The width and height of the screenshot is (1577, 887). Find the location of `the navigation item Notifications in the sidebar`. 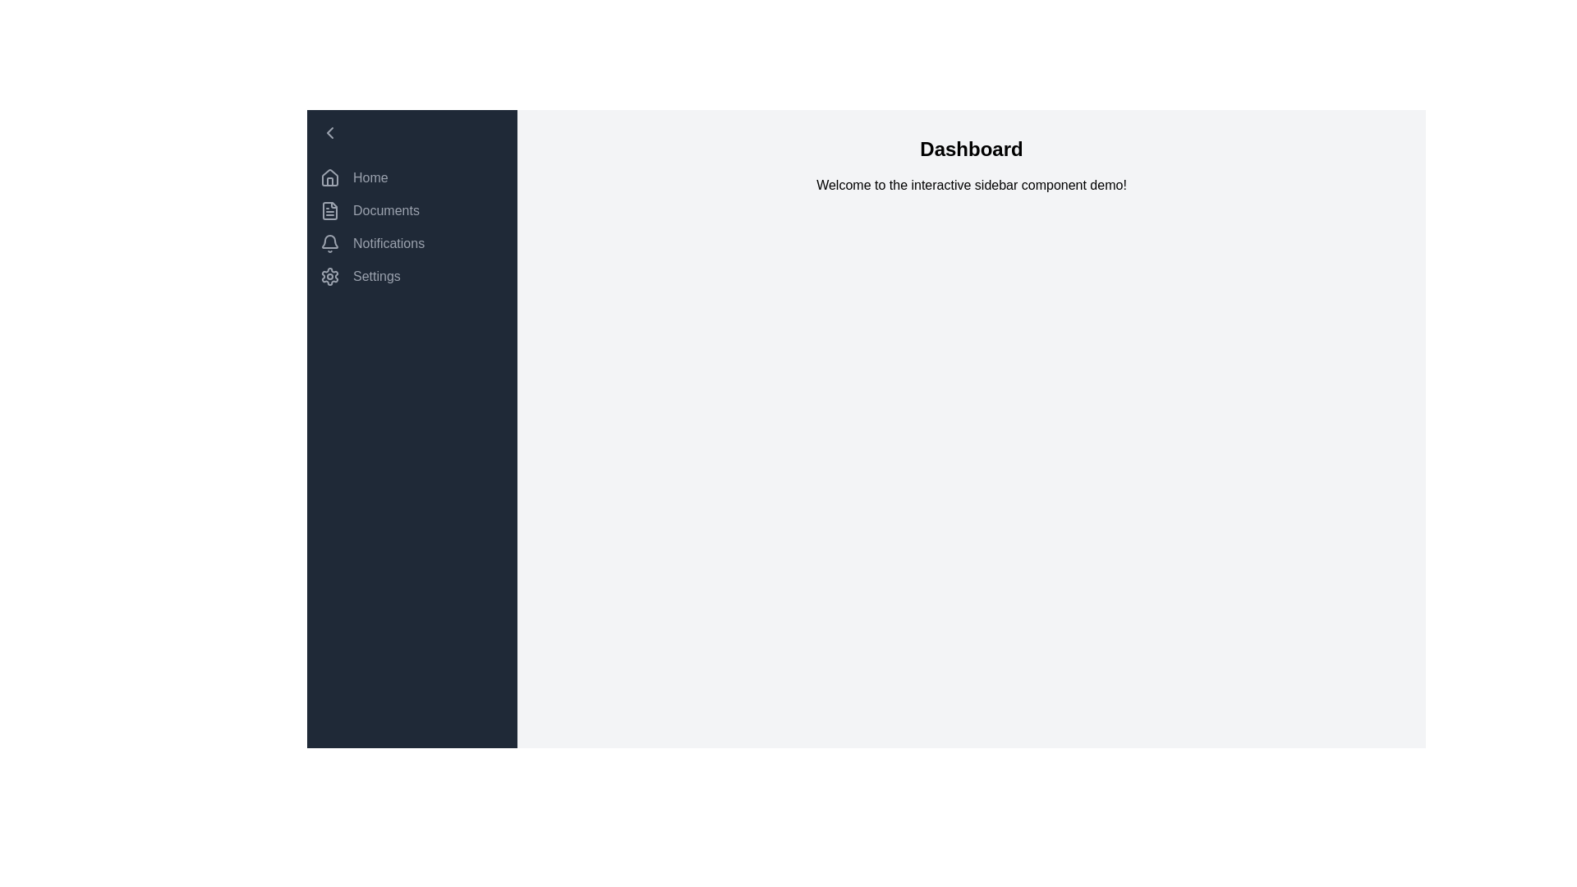

the navigation item Notifications in the sidebar is located at coordinates (412, 244).